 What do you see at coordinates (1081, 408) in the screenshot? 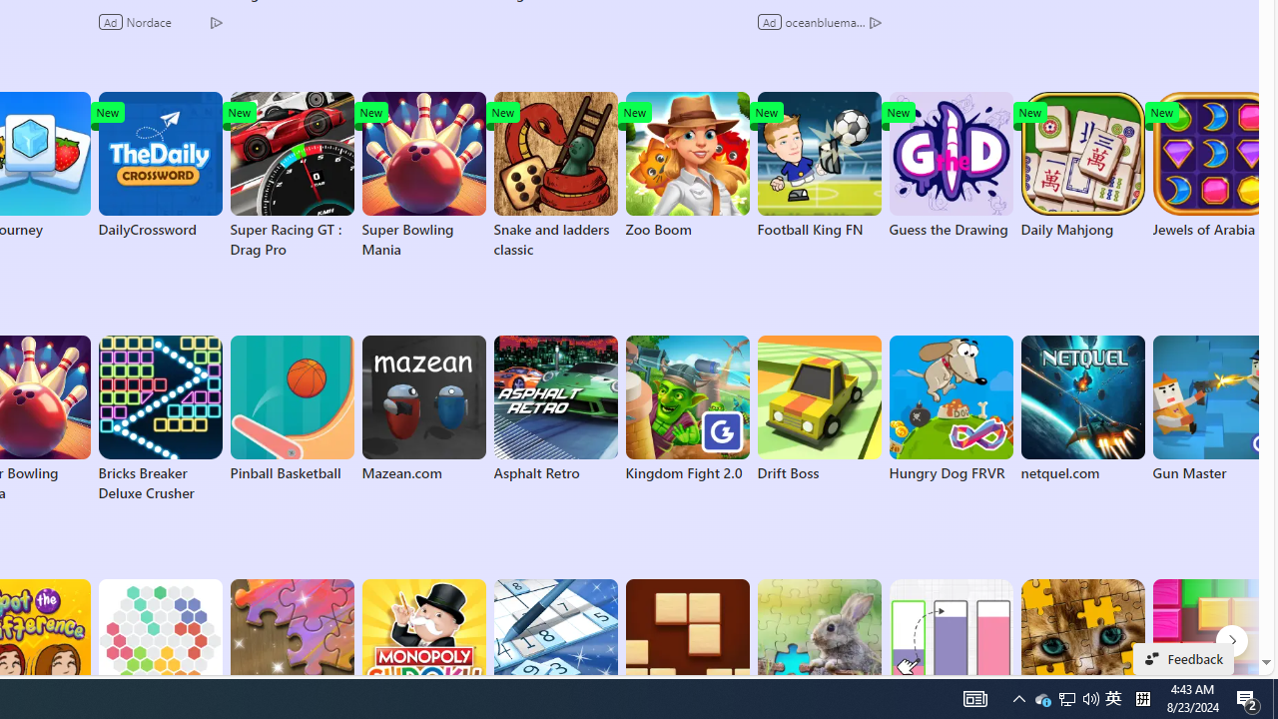
I see `'netquel.com'` at bounding box center [1081, 408].